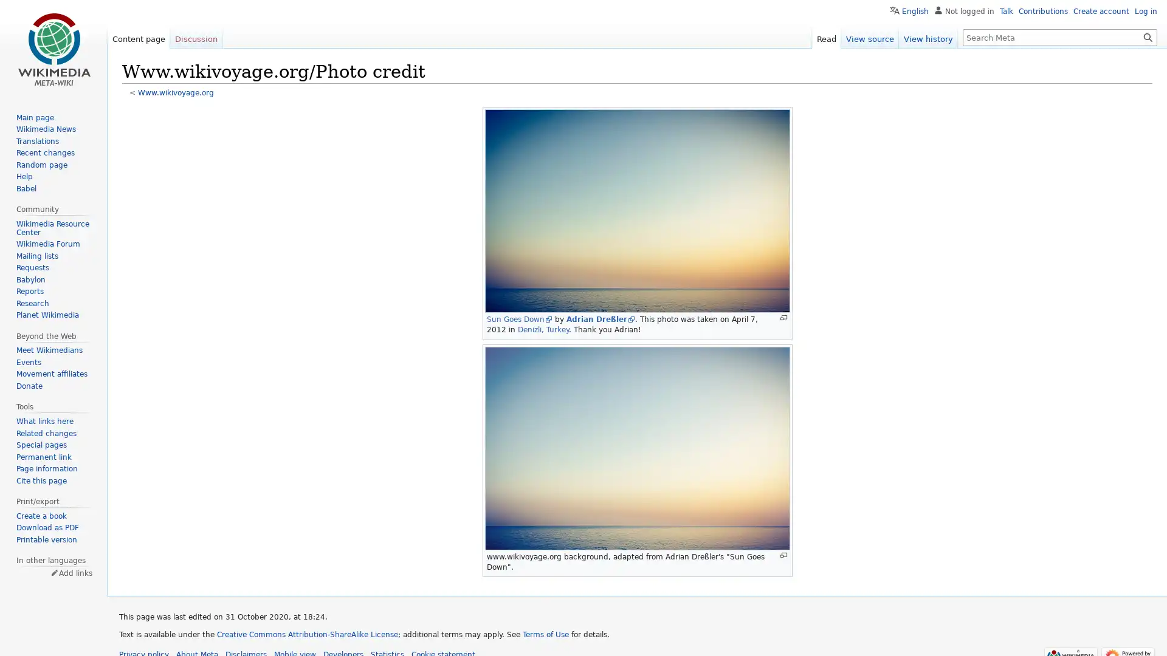 This screenshot has height=656, width=1167. Describe the element at coordinates (1148, 36) in the screenshot. I see `Search` at that location.